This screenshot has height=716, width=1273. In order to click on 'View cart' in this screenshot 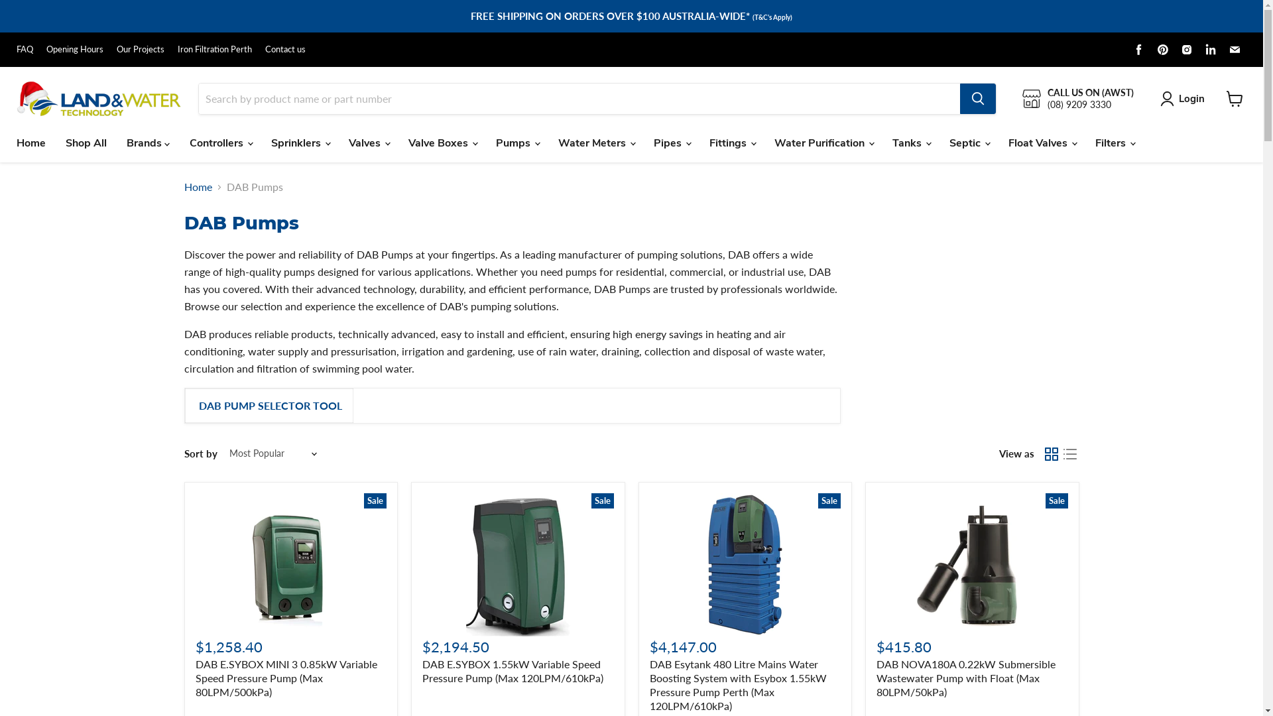, I will do `click(1234, 98)`.